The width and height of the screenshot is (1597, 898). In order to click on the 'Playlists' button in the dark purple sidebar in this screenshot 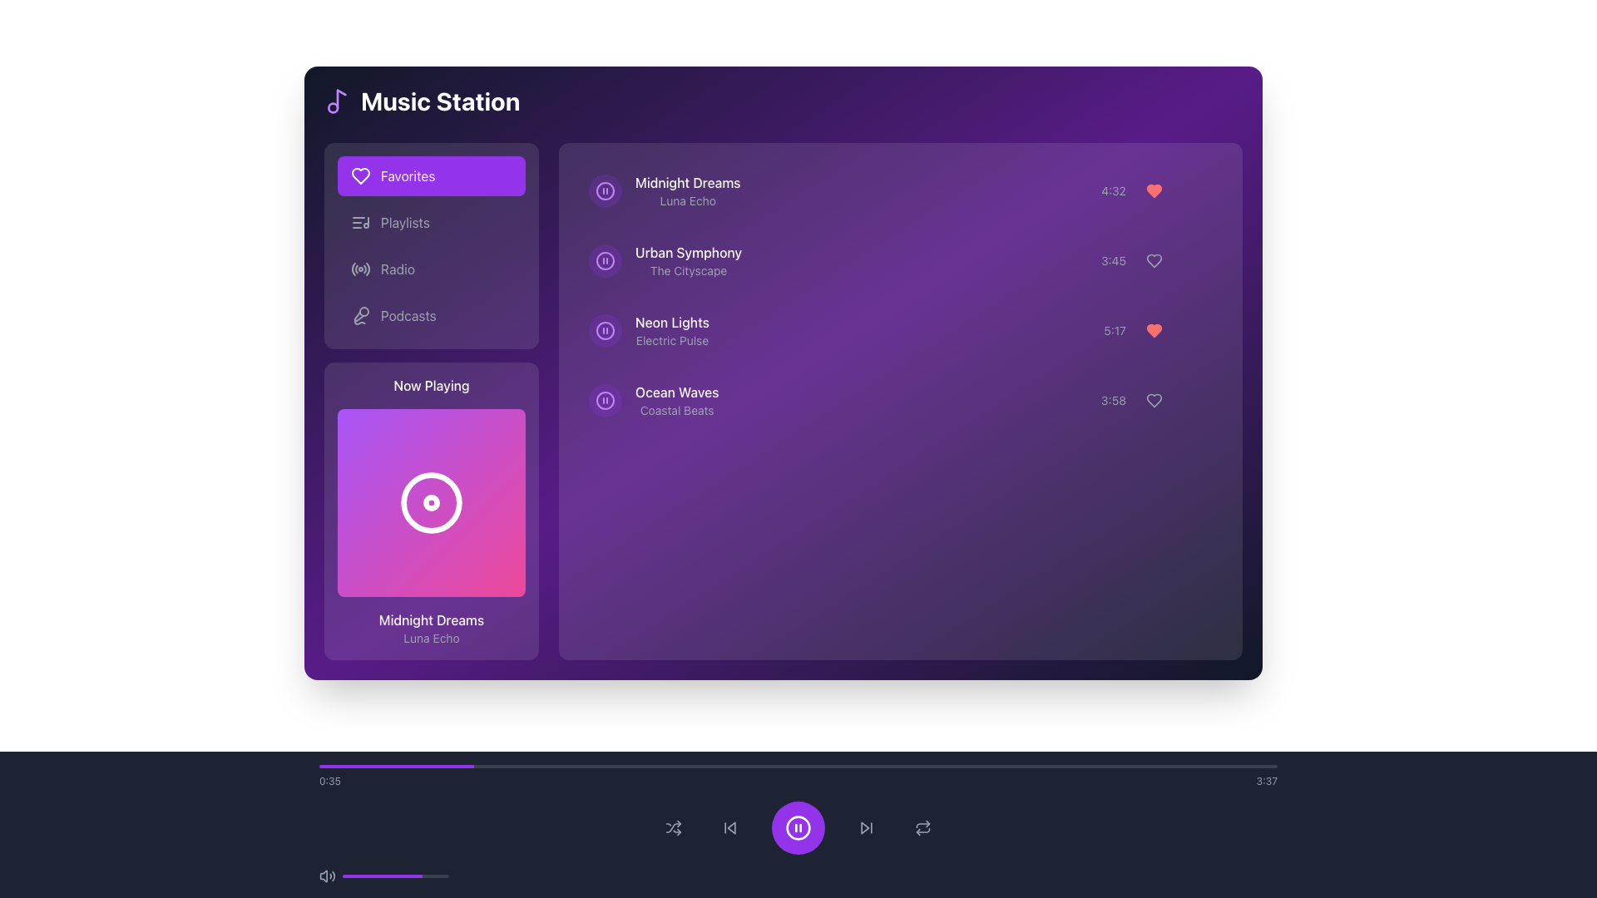, I will do `click(431, 221)`.